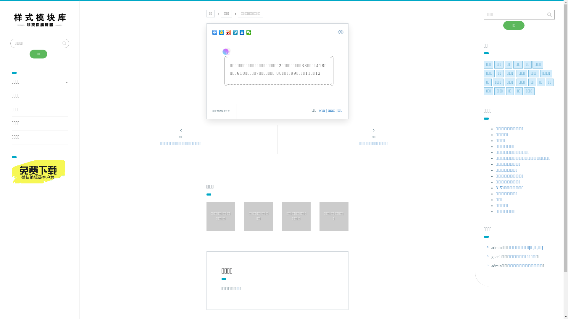 The height and width of the screenshot is (319, 568). Describe the element at coordinates (318, 110) in the screenshot. I see `'win'` at that location.